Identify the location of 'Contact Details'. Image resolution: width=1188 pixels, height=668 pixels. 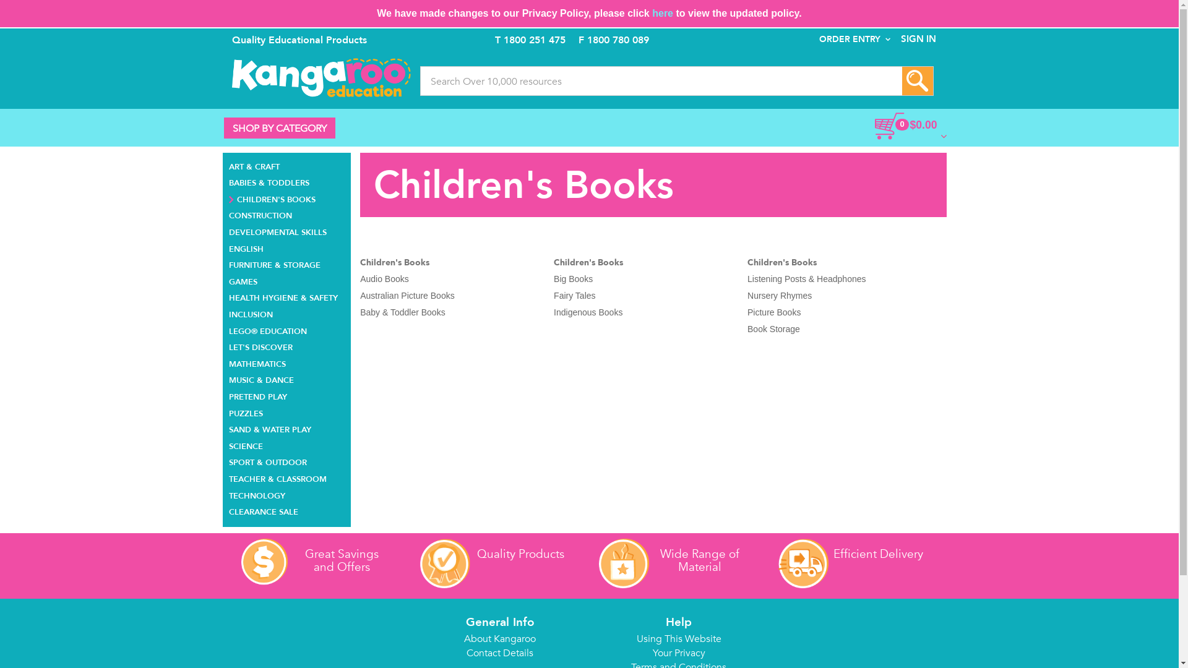
(499, 653).